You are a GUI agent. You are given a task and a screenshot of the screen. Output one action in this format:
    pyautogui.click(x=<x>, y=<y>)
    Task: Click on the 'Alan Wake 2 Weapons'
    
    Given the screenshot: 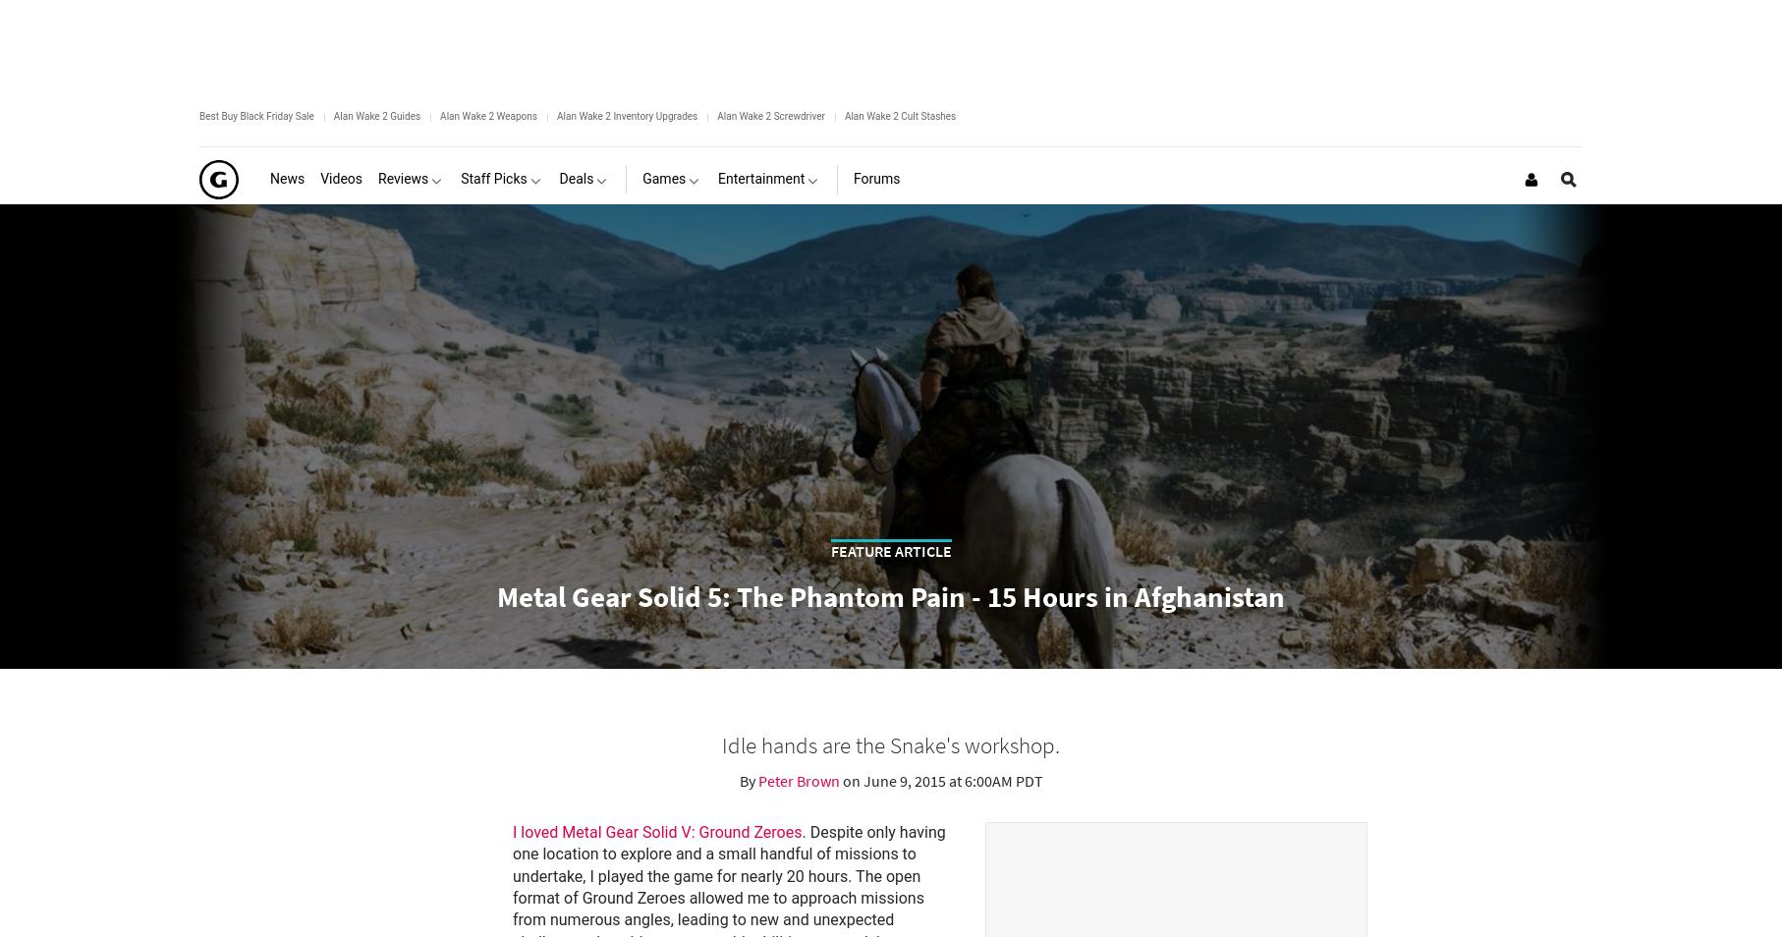 What is the action you would take?
    pyautogui.click(x=440, y=115)
    